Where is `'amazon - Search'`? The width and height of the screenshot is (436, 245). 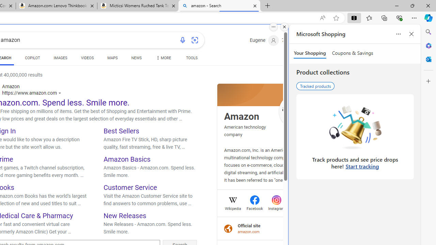 'amazon - Search' is located at coordinates (219, 6).